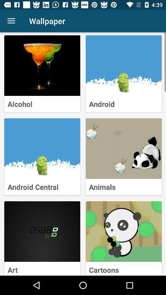  I want to click on pick category, so click(124, 231).